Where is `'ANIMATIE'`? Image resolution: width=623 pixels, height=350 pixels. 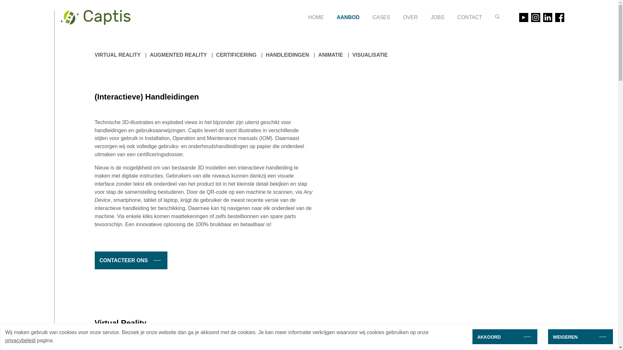 'ANIMATIE' is located at coordinates (330, 54).